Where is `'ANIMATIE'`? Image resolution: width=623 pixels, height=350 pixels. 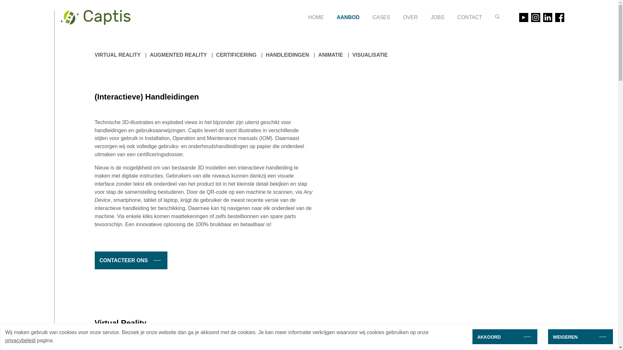 'ANIMATIE' is located at coordinates (330, 54).